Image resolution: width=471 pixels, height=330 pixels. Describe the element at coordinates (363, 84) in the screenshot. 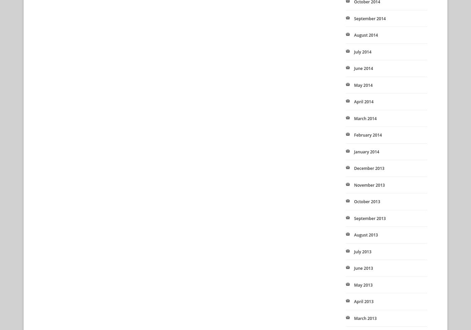

I see `'May 2014'` at that location.